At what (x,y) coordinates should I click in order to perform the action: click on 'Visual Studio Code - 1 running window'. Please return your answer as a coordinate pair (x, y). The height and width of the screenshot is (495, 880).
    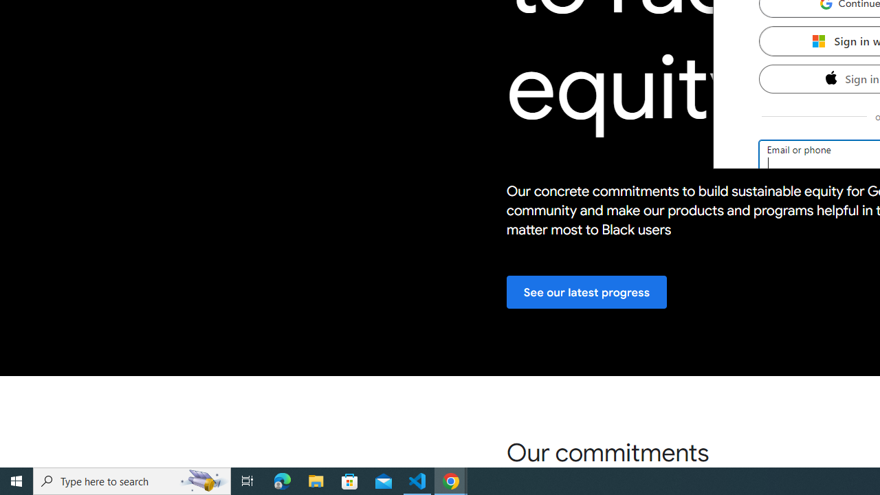
    Looking at the image, I should click on (417, 480).